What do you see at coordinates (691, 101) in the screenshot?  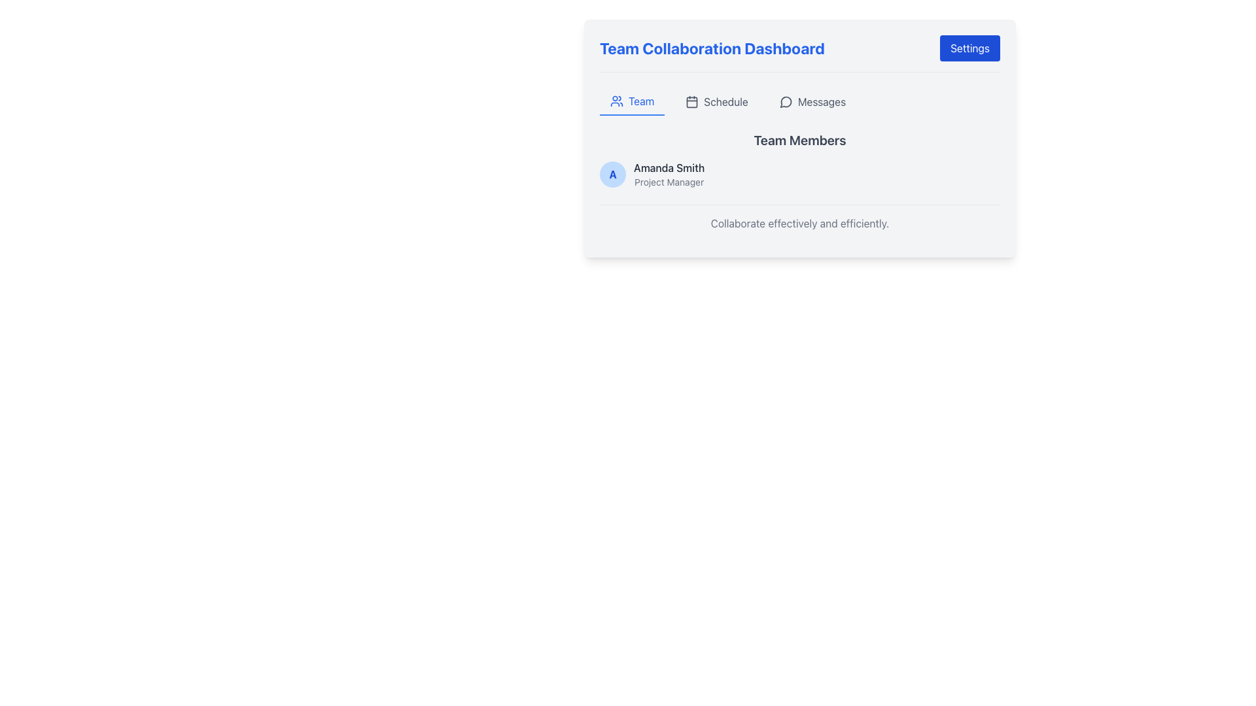 I see `the rectangular body of the calendar icon, which is part of the 'Schedule' option in the horizontal navigation menu located in the top-right region of the user interface` at bounding box center [691, 101].